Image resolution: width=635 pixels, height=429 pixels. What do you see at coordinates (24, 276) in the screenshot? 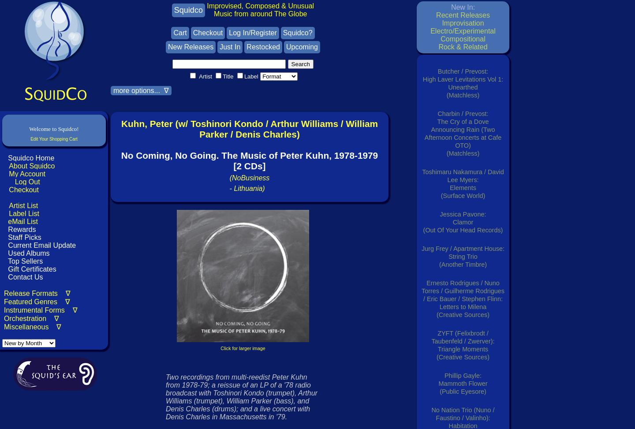
I see `'Contact Us'` at bounding box center [24, 276].